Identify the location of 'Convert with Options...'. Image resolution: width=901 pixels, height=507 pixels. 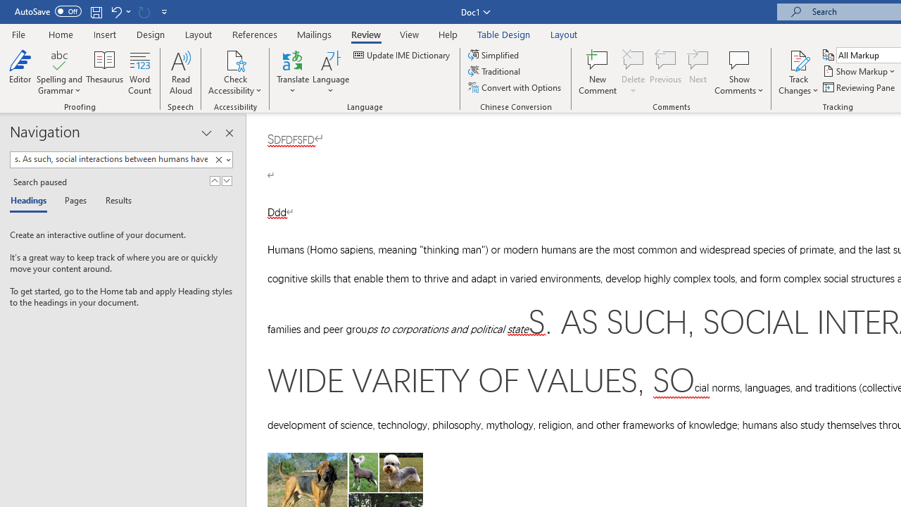
(515, 87).